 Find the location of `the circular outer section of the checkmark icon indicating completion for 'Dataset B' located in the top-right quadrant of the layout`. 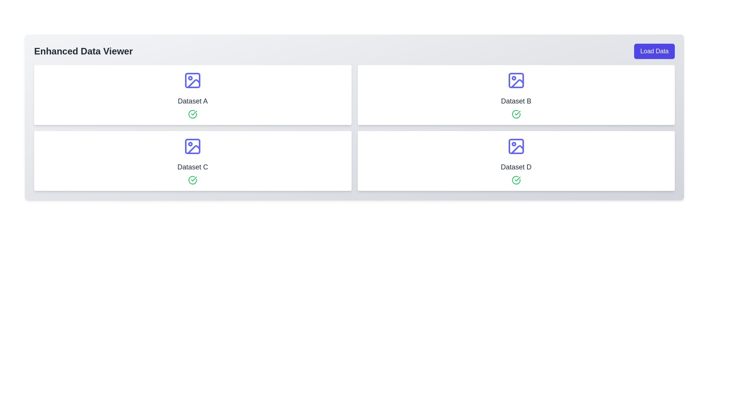

the circular outer section of the checkmark icon indicating completion for 'Dataset B' located in the top-right quadrant of the layout is located at coordinates (516, 114).